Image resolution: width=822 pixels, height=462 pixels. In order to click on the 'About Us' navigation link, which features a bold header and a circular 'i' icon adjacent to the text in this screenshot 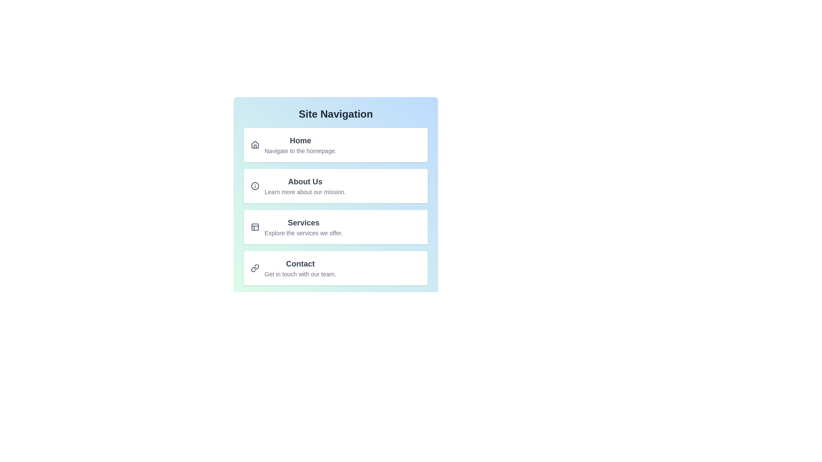, I will do `click(335, 186)`.